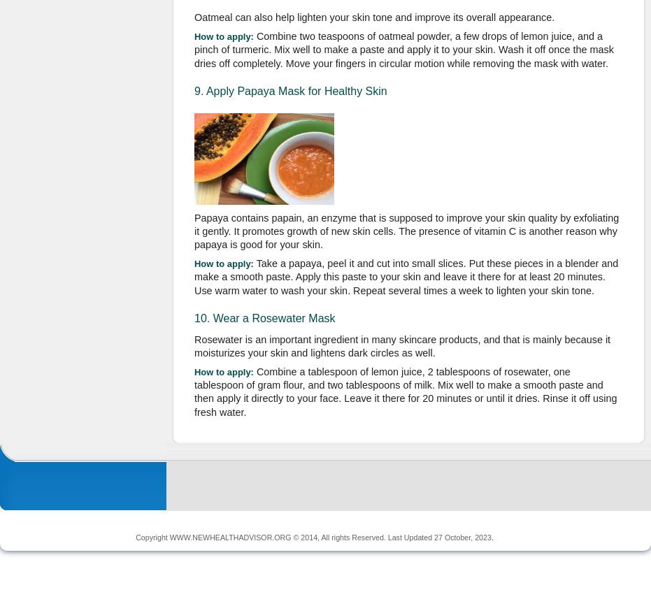  Describe the element at coordinates (135, 535) in the screenshot. I see `'Copyright'` at that location.